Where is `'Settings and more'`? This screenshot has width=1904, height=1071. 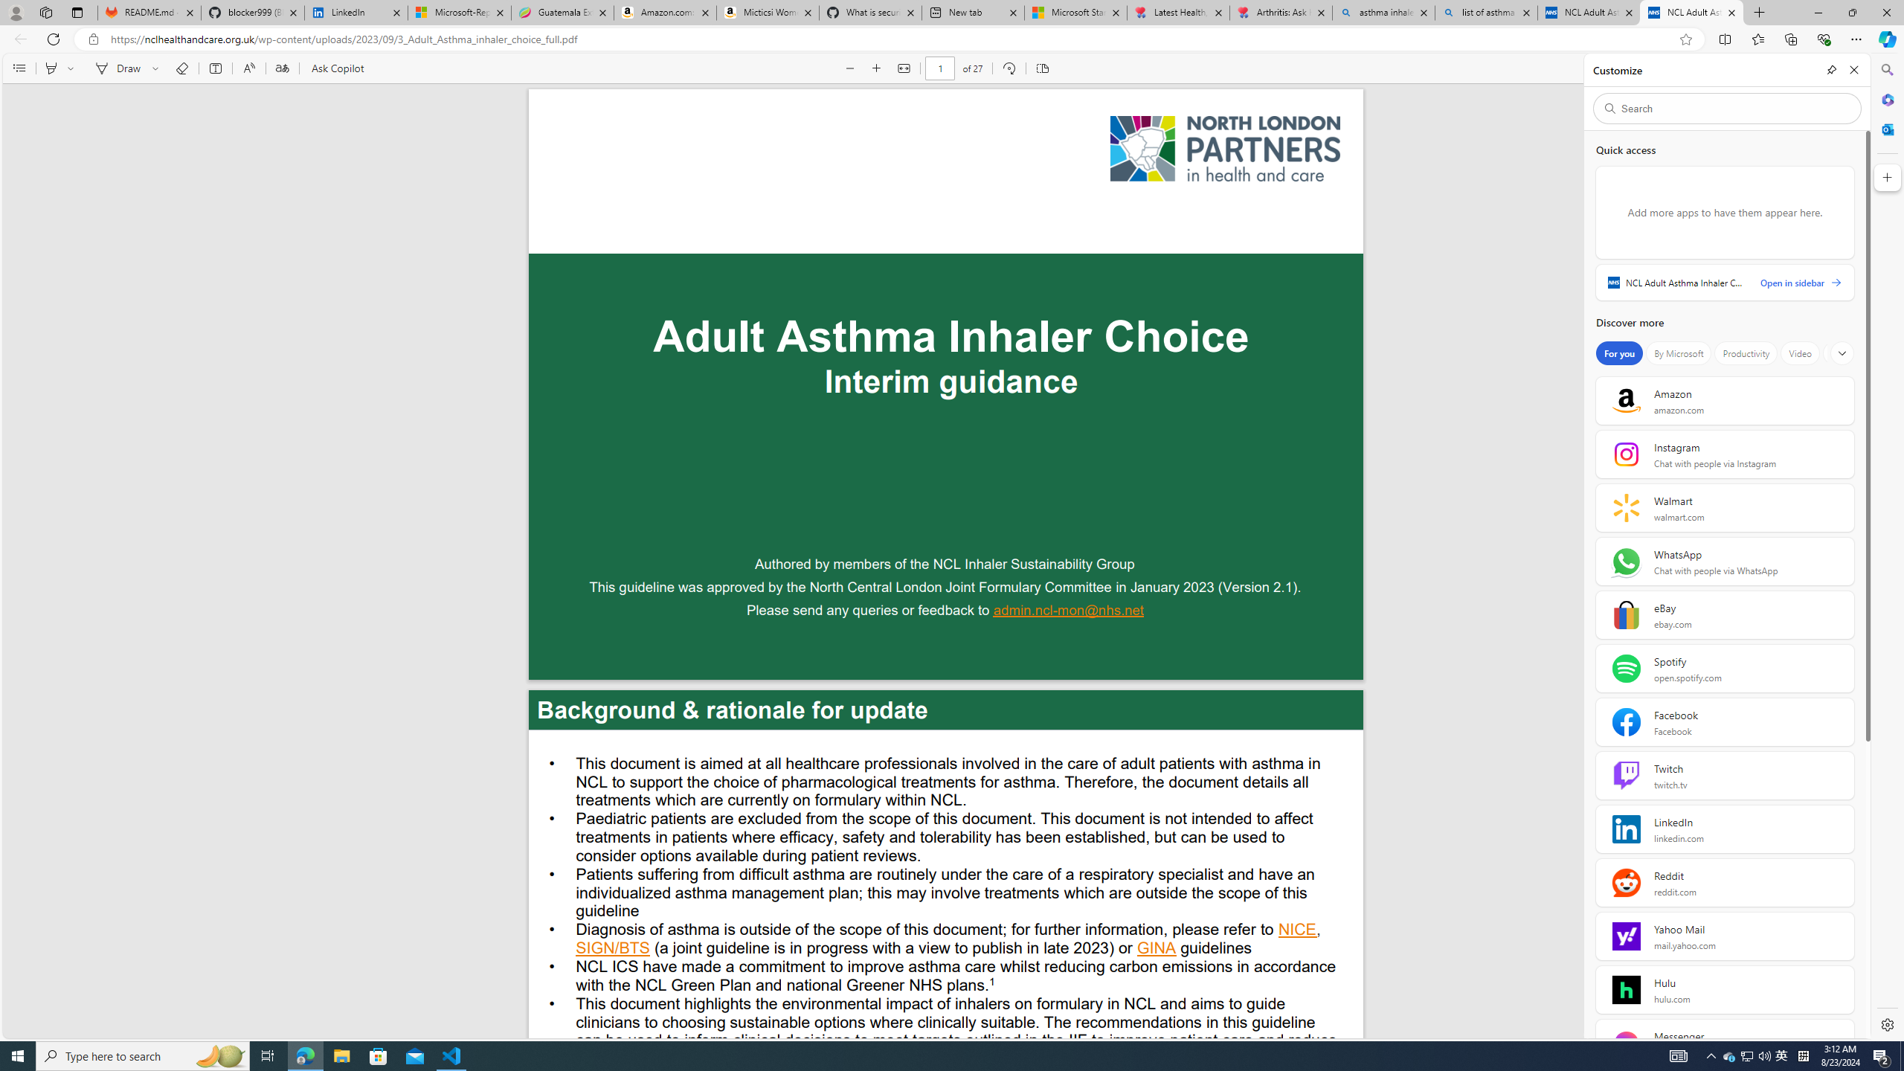 'Settings and more' is located at coordinates (1874, 68).